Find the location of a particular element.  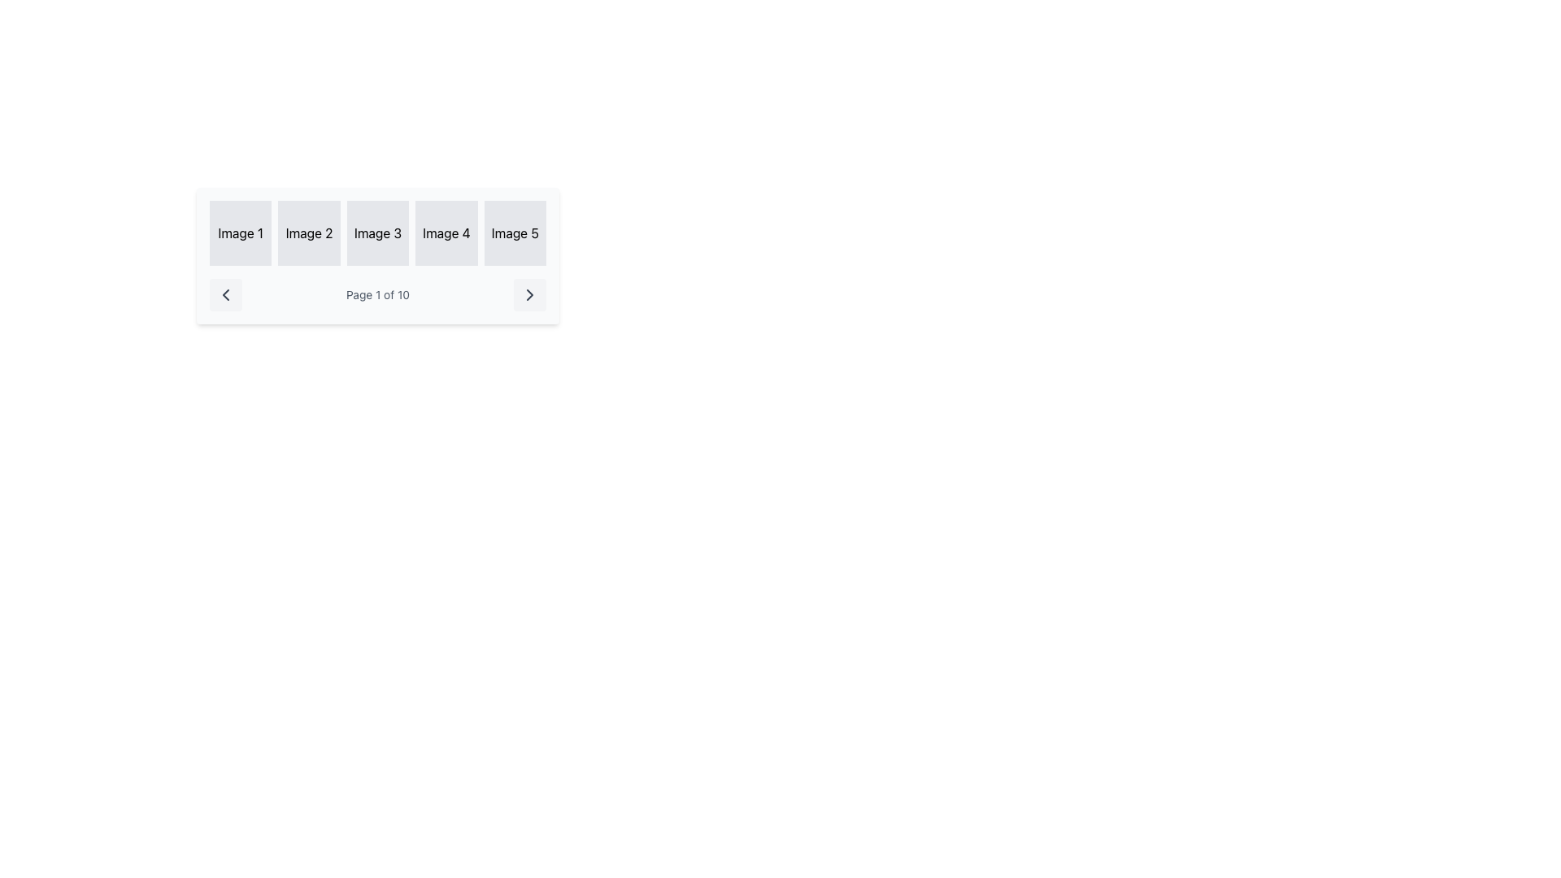

the left chevron arrow button in the navigation bar is located at coordinates (225, 294).